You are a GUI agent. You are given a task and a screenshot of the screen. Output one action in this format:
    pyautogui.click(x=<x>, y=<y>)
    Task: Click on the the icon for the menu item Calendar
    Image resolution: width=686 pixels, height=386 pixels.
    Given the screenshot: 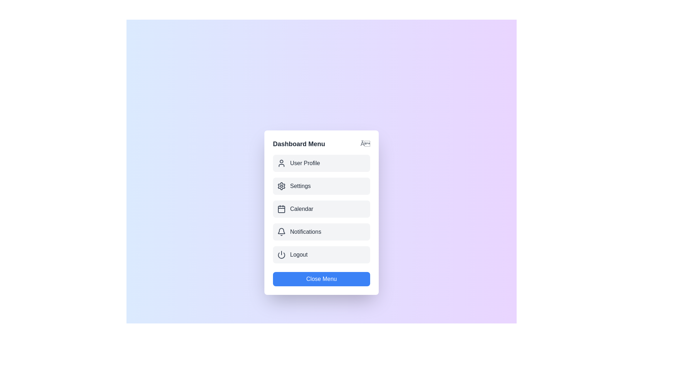 What is the action you would take?
    pyautogui.click(x=281, y=209)
    